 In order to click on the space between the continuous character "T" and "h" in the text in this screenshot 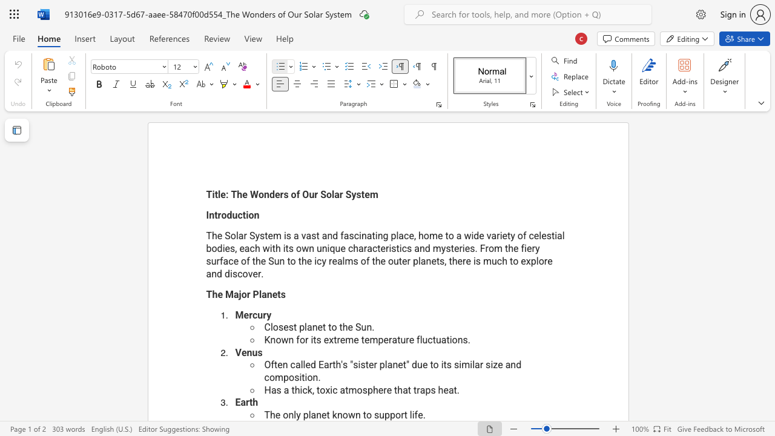, I will do `click(269, 414)`.